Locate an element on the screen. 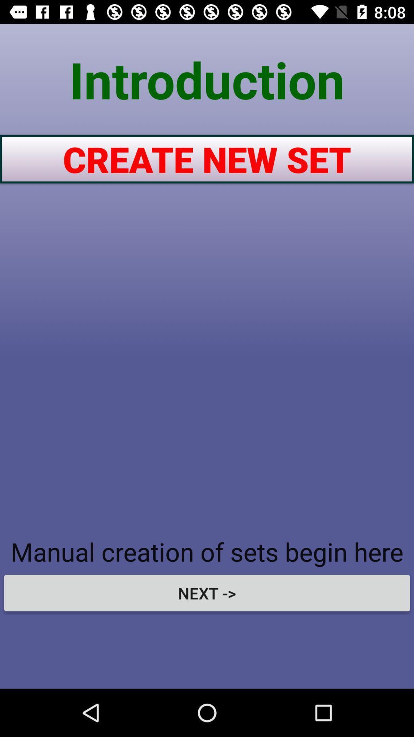 The image size is (414, 737). item below the manual creation of app is located at coordinates (207, 593).